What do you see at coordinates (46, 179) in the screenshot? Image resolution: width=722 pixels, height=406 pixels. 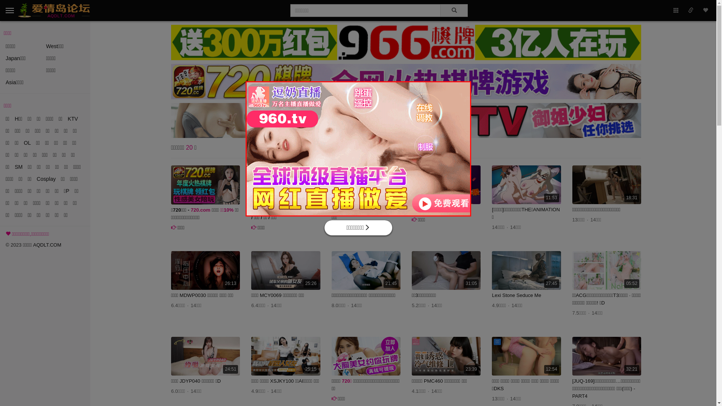 I see `'Cosplay'` at bounding box center [46, 179].